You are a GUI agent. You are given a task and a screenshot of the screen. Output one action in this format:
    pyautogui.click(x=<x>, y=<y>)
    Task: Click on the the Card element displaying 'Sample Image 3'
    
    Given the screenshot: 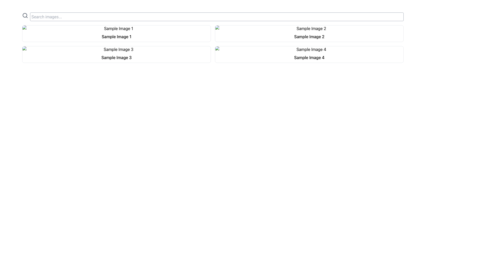 What is the action you would take?
    pyautogui.click(x=116, y=54)
    